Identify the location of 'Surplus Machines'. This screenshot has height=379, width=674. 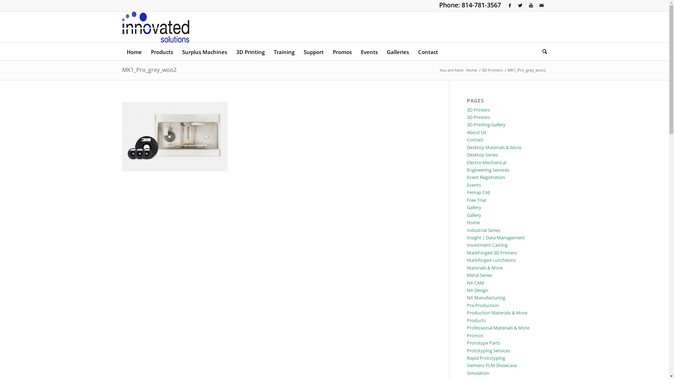
(204, 51).